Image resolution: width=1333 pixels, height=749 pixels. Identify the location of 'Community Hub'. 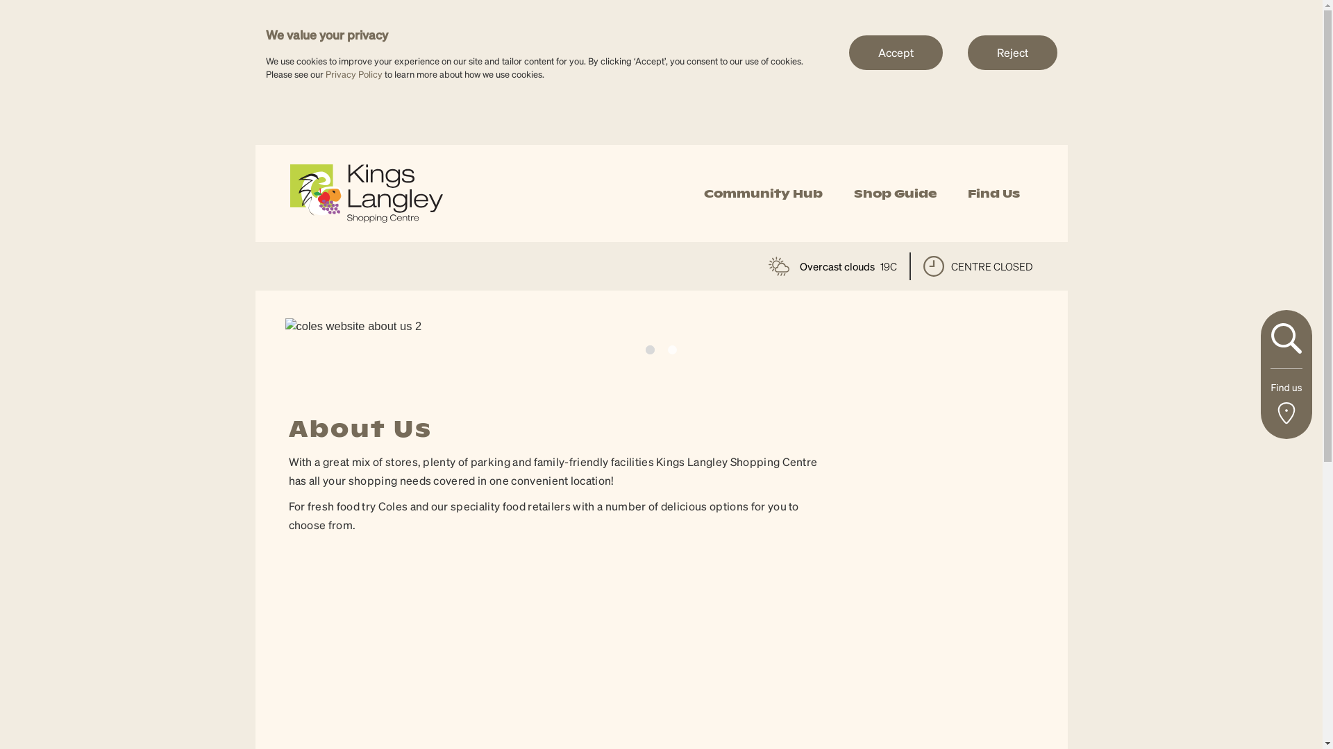
(762, 193).